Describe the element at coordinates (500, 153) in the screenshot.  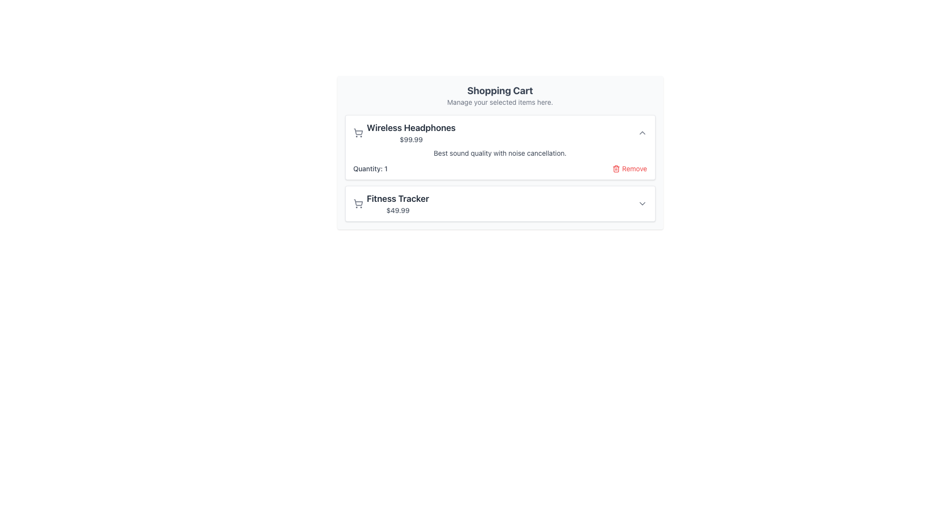
I see `the descriptive text element for the 'Wireless Headphones' product in the shopping cart, located above the 'Quantity' and 'Remove' controls` at that location.